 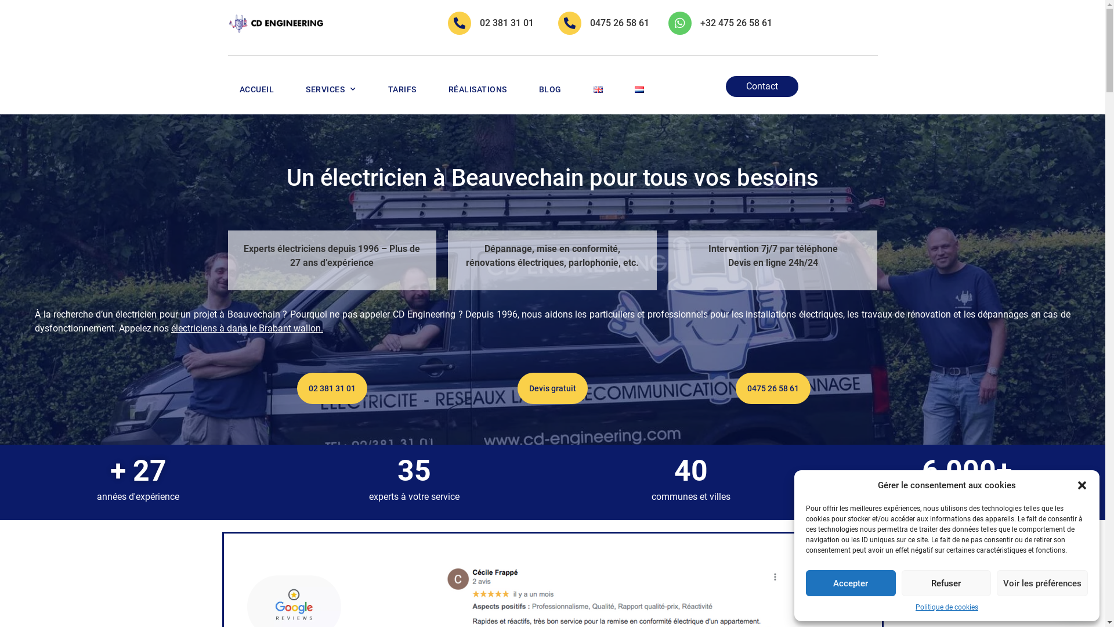 What do you see at coordinates (619, 23) in the screenshot?
I see `'0475 26 58 61'` at bounding box center [619, 23].